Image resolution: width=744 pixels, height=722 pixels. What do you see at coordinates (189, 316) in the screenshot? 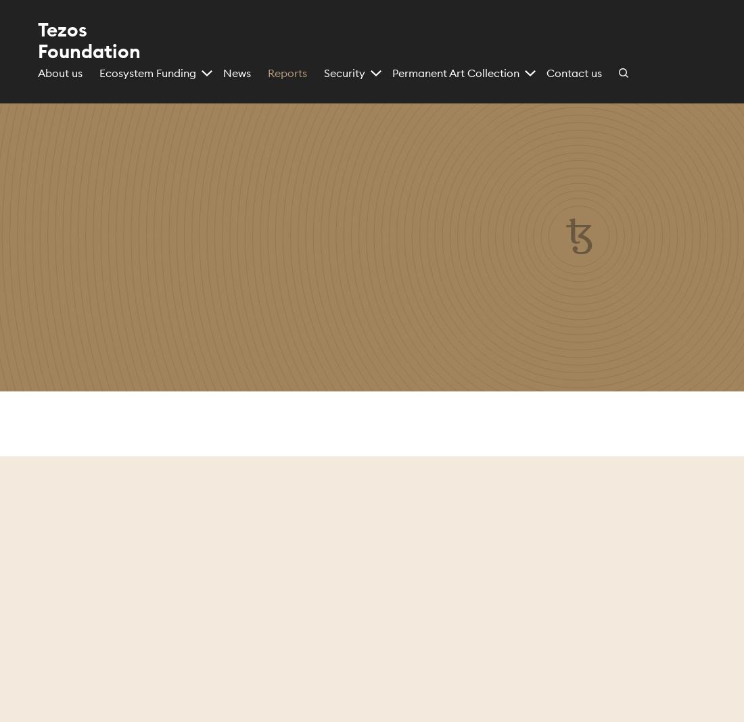
I see `'Our reports provide insights and an overview of the Foundation’s activities. Twice a year, we issue a Biannual Update that covers our activities during the last few months.'` at bounding box center [189, 316].